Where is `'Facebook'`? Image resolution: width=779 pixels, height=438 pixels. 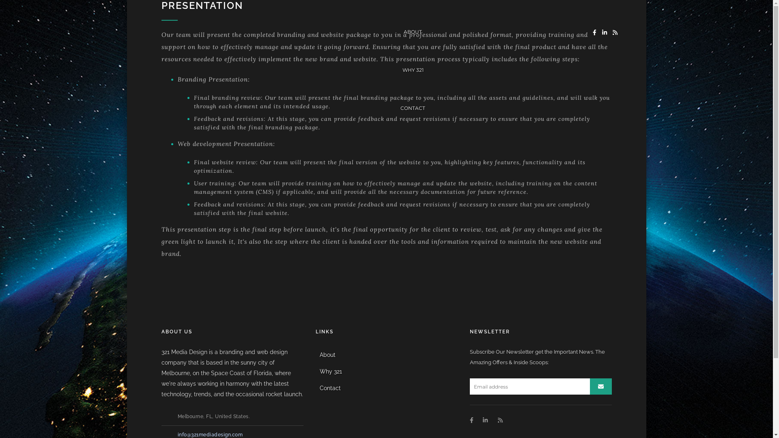
'Facebook' is located at coordinates (471, 420).